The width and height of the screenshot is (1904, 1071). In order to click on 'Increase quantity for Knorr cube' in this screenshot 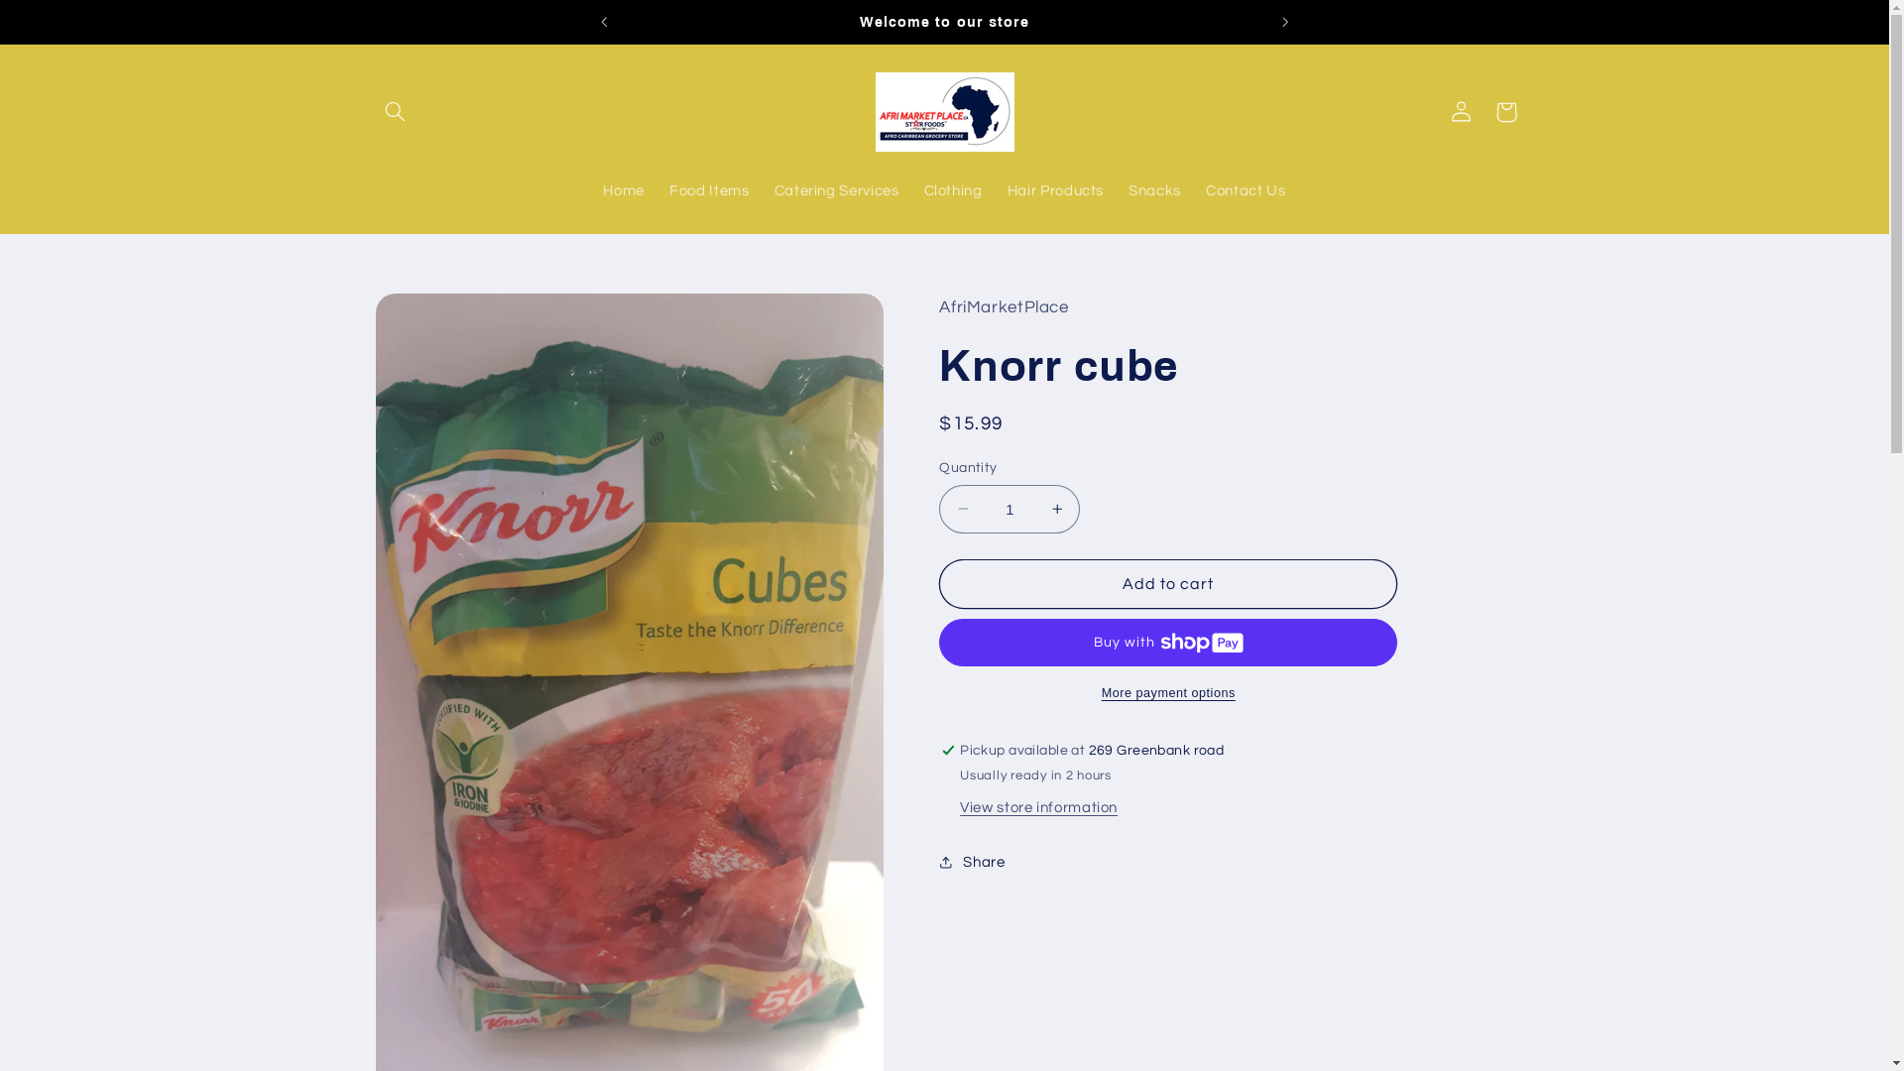, I will do `click(1055, 508)`.